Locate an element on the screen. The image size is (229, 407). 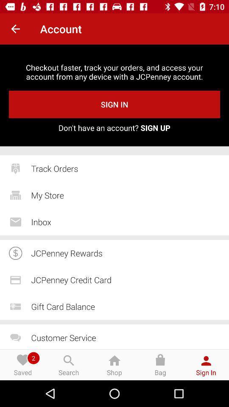
the item above the checkout faster track is located at coordinates (15, 29).